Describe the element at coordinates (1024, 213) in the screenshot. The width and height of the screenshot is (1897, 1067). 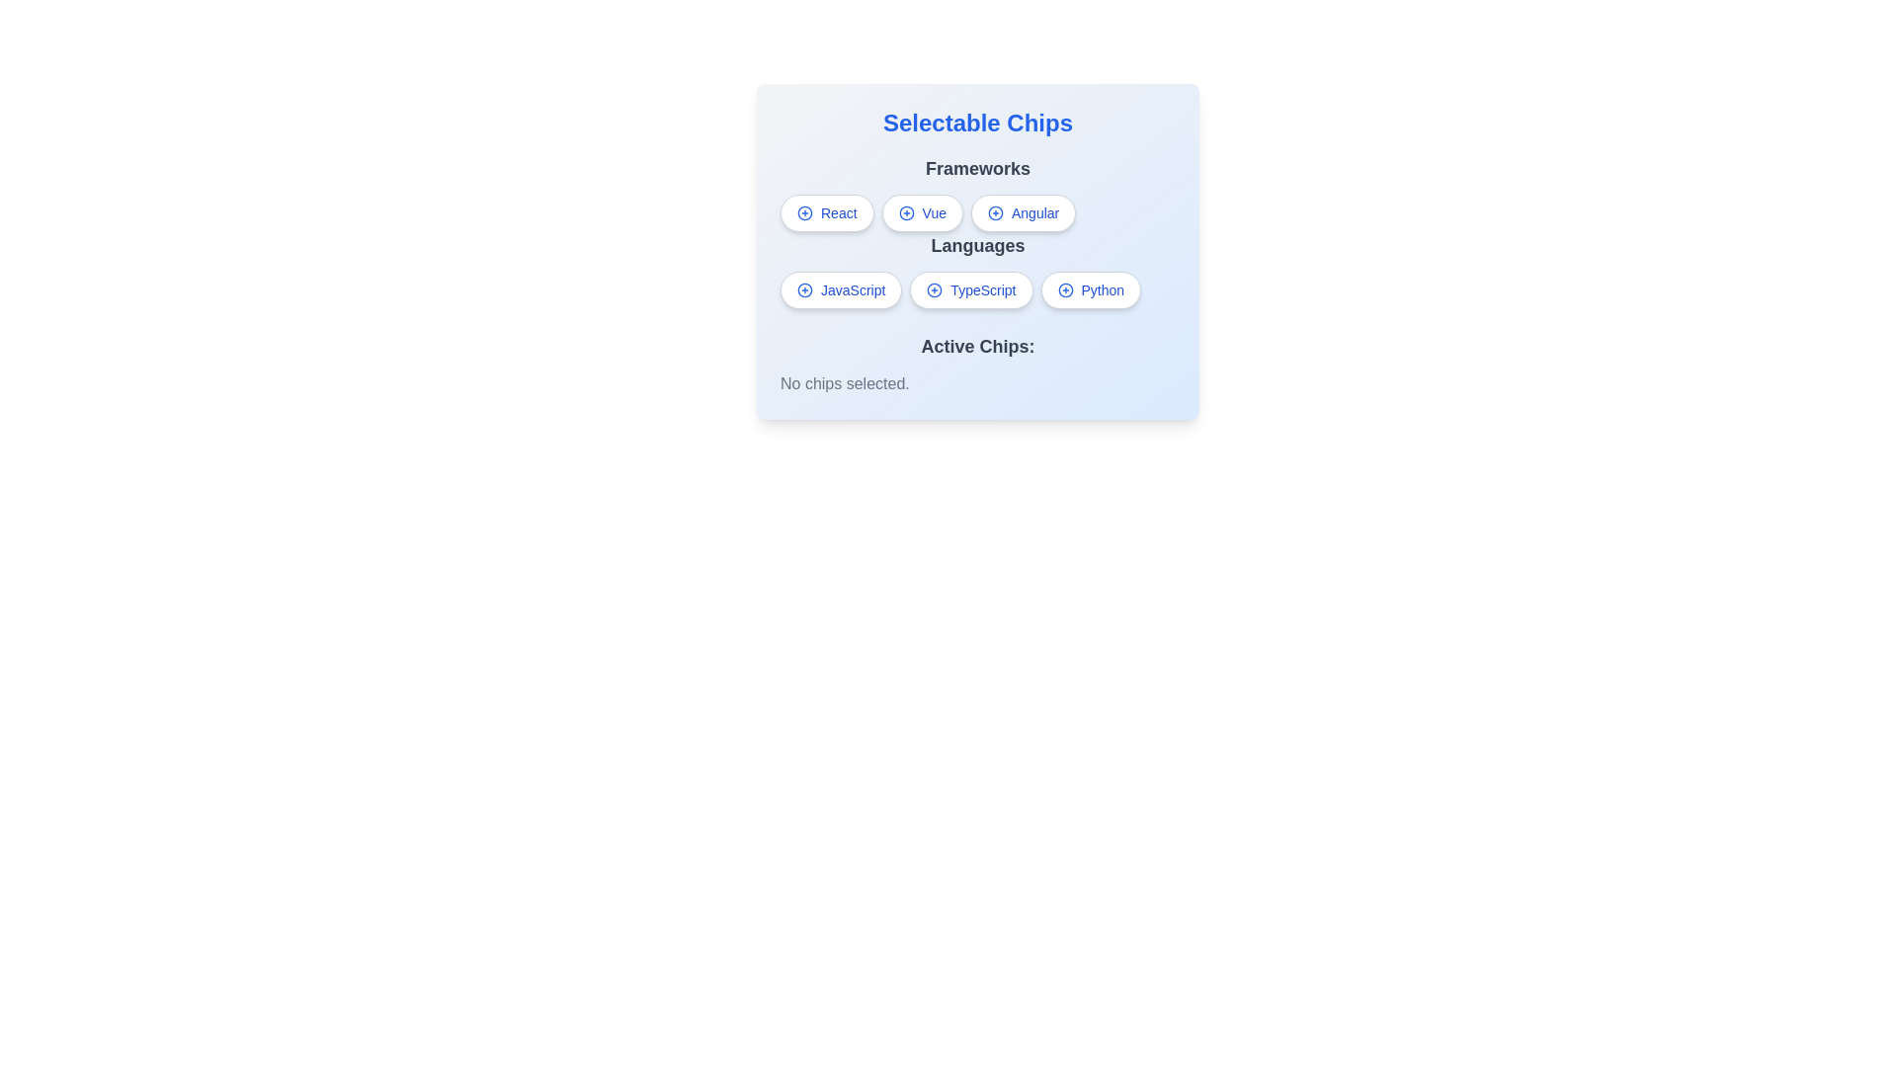
I see `the third button labeled 'Angular' with a '+' blue icon in the Frameworks section` at that location.